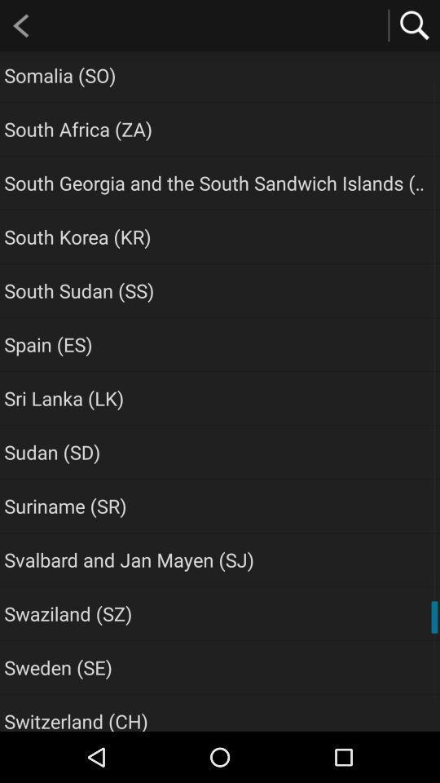  I want to click on spain (es) item, so click(48, 344).